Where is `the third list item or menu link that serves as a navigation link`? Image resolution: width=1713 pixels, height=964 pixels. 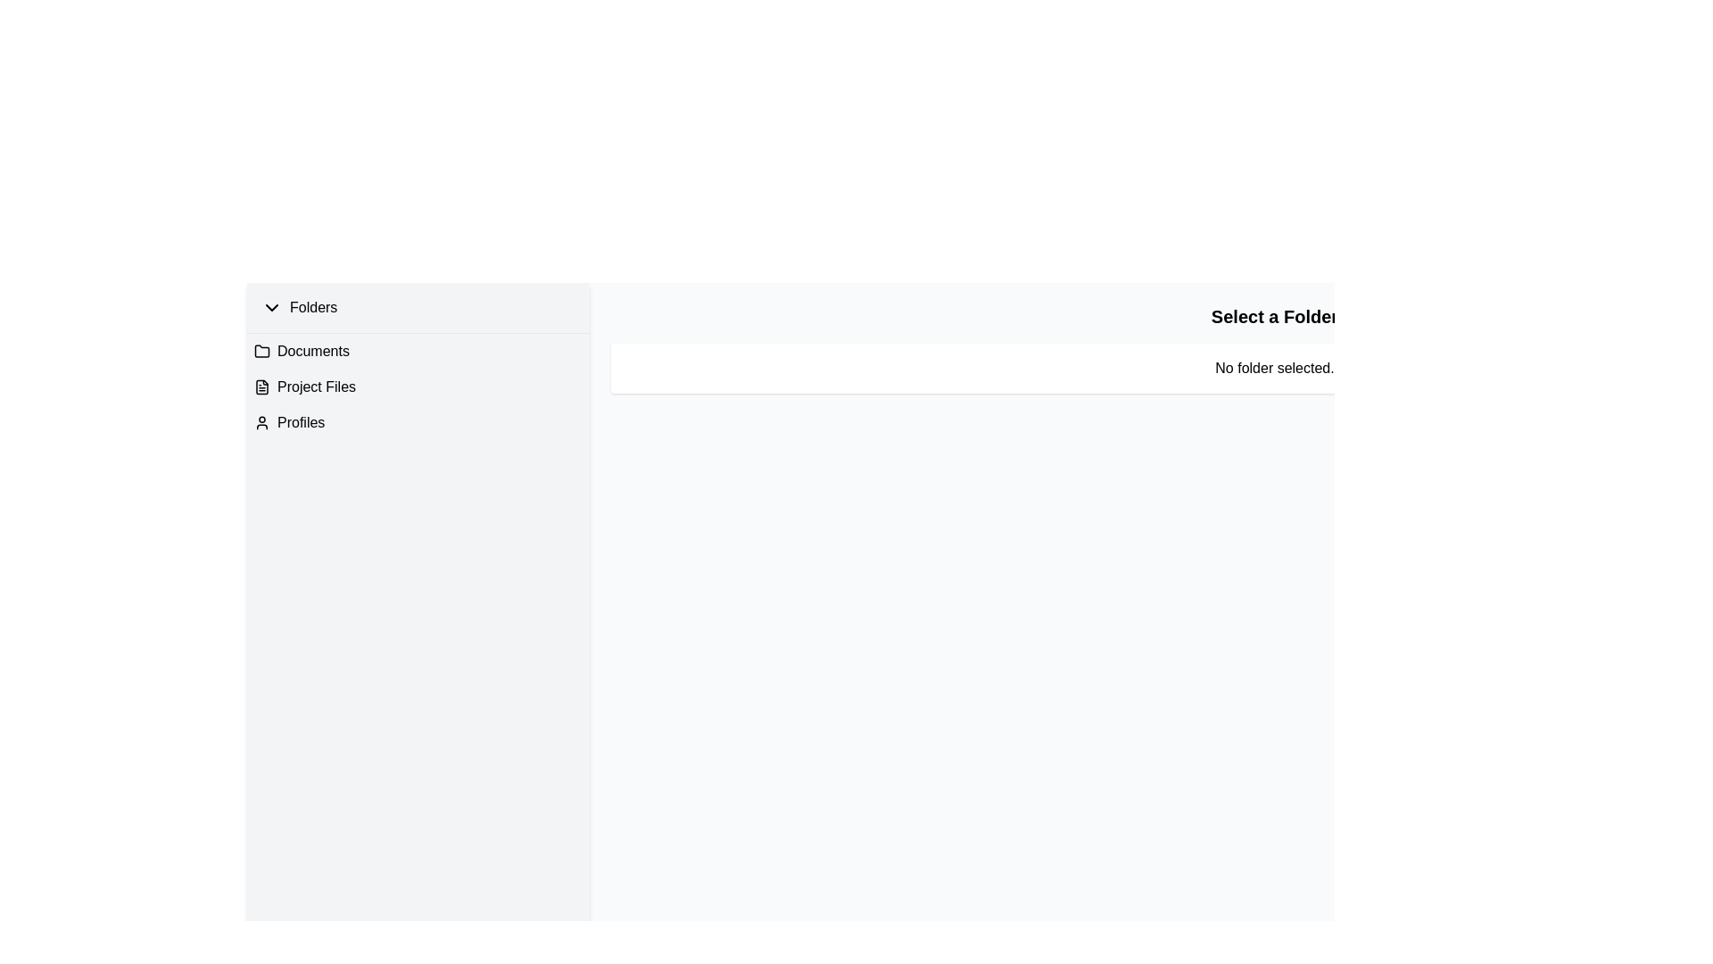 the third list item or menu link that serves as a navigation link is located at coordinates (418, 423).